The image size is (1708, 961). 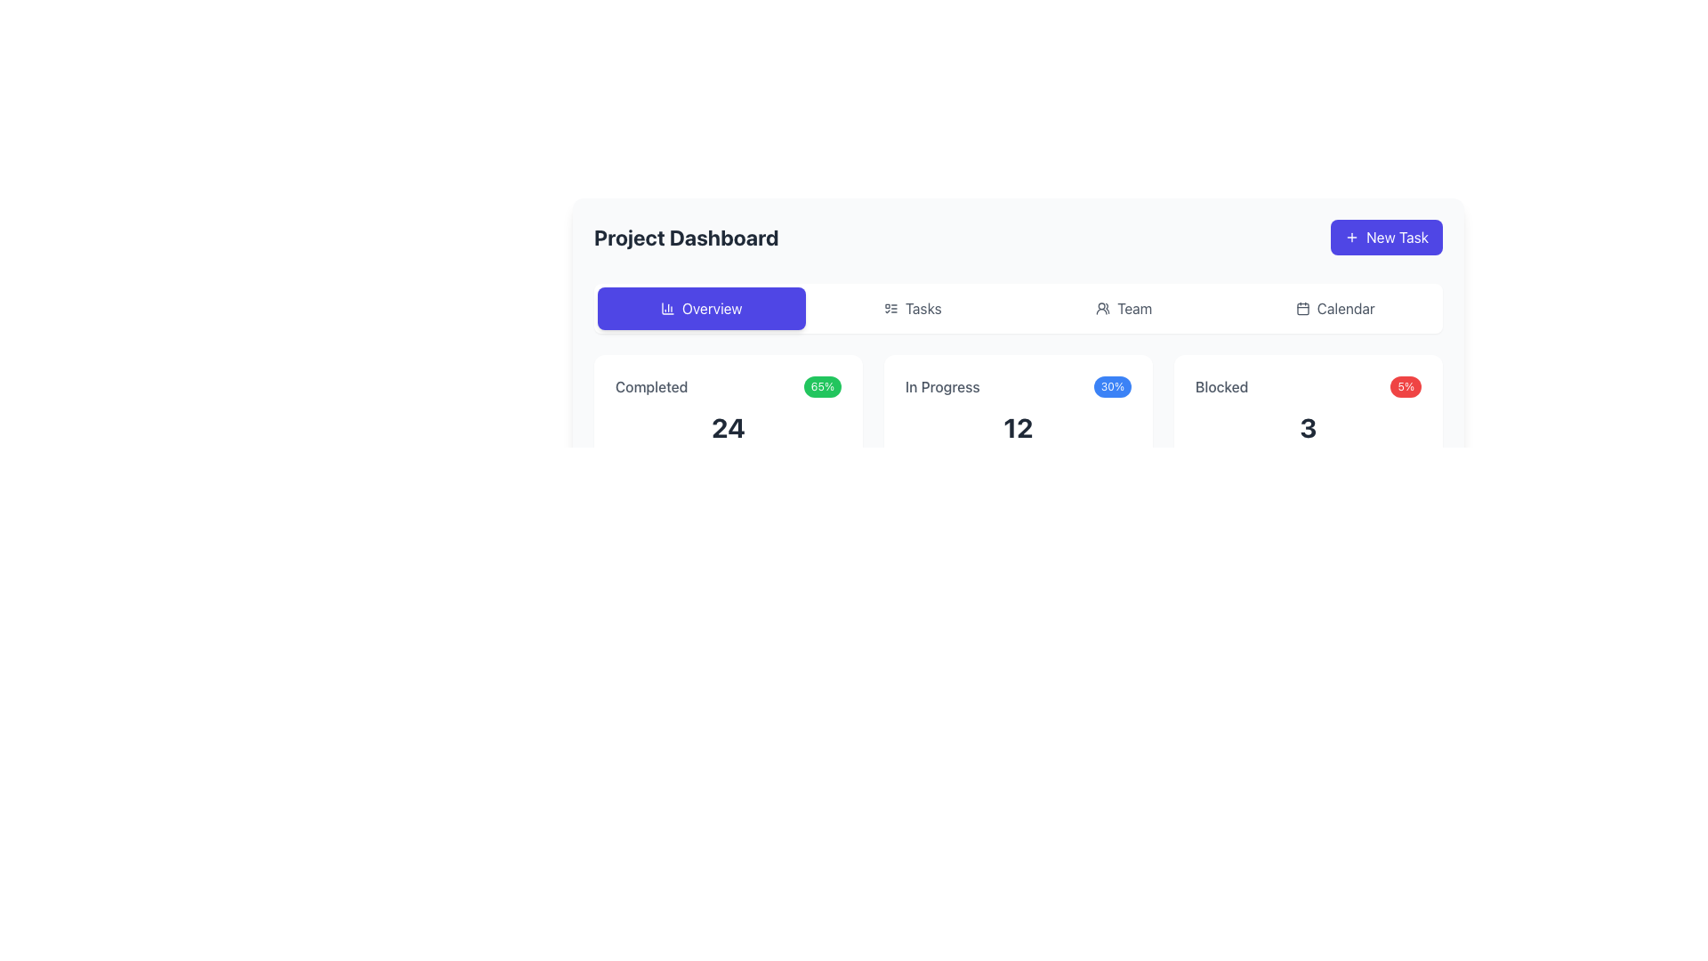 What do you see at coordinates (941, 386) in the screenshot?
I see `the 'In Progress' text label` at bounding box center [941, 386].